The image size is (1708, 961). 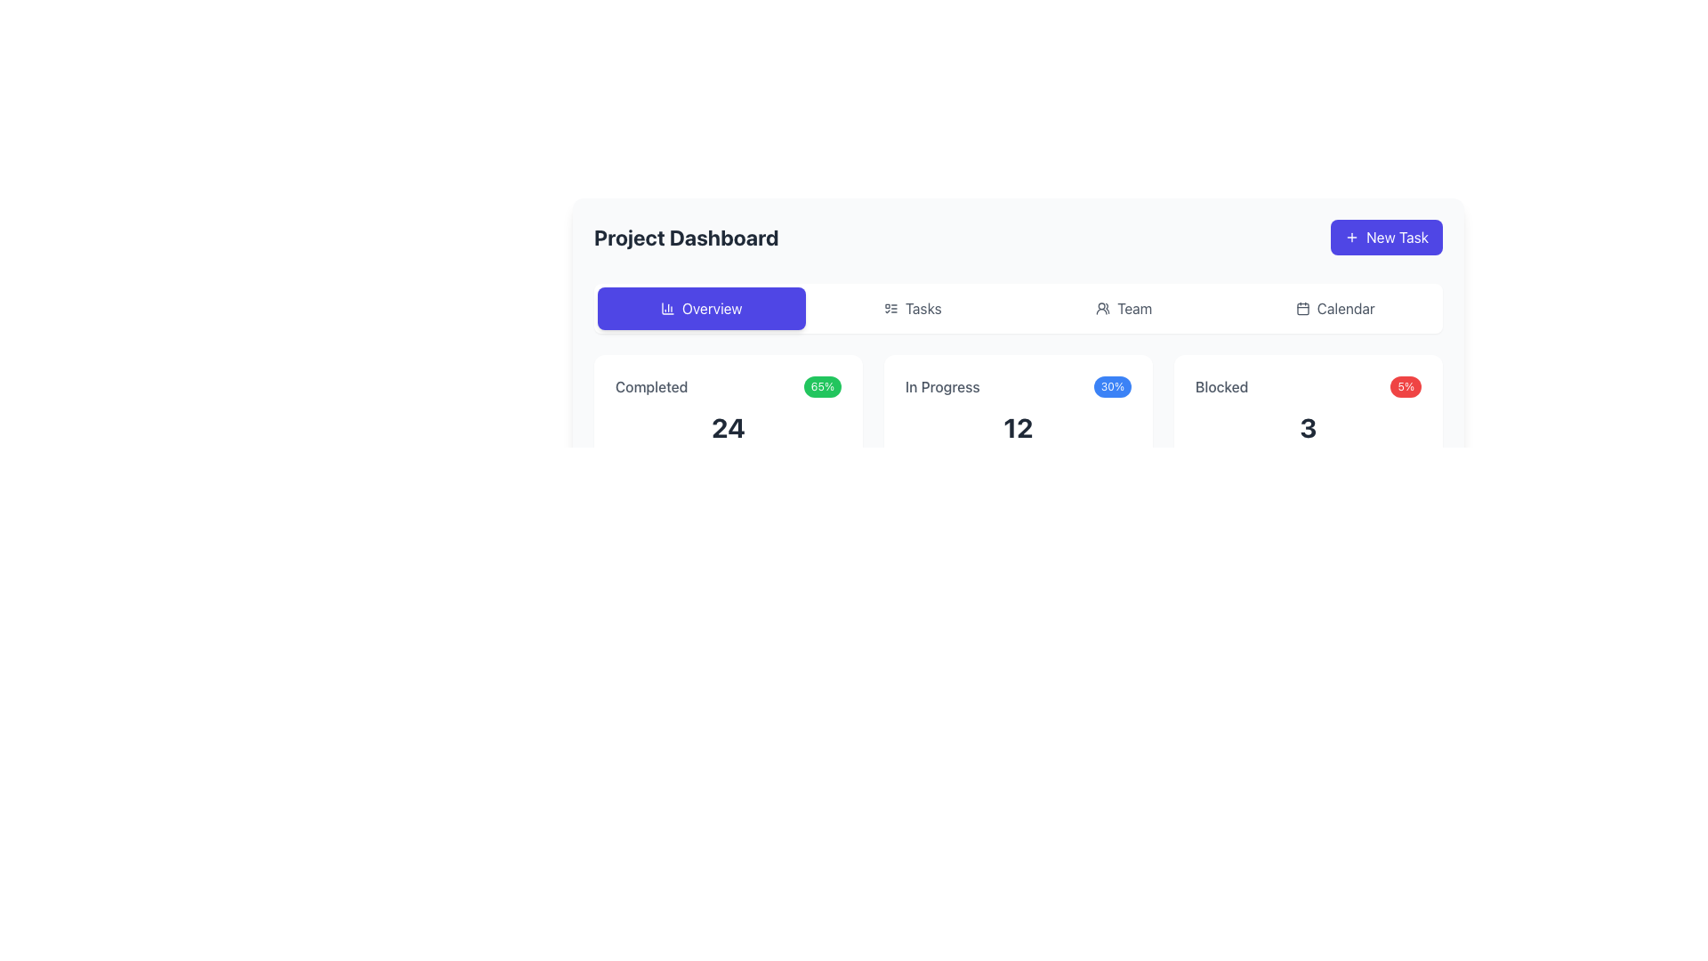 What do you see at coordinates (941, 386) in the screenshot?
I see `the 'In Progress' text label` at bounding box center [941, 386].